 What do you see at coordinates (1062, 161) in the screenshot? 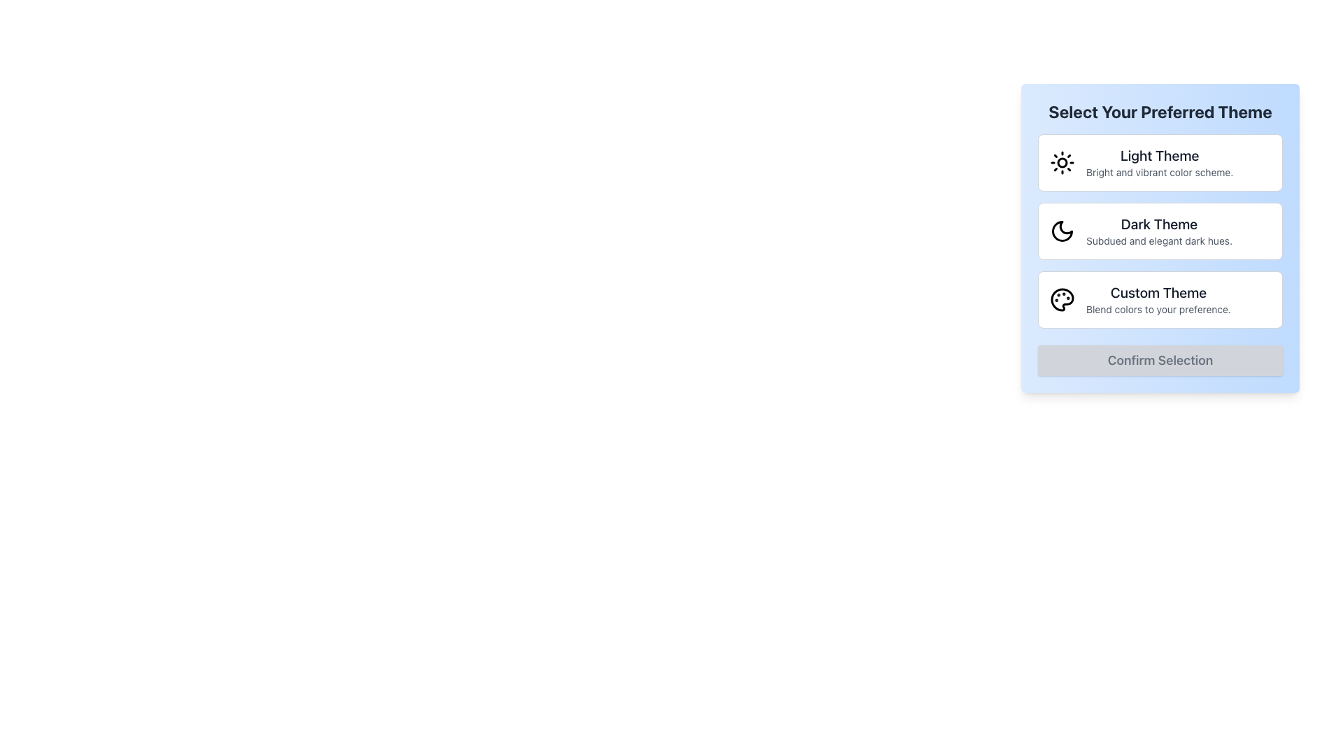
I see `the inner circular part of the sun icon, which visually indicates the 'Light Theme' option in the modal` at bounding box center [1062, 161].